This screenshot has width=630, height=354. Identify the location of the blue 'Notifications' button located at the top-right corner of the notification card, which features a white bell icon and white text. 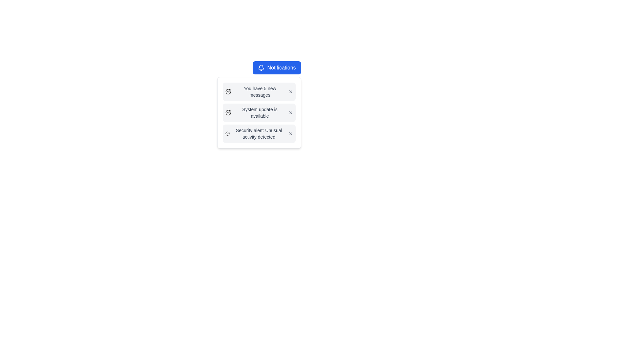
(277, 68).